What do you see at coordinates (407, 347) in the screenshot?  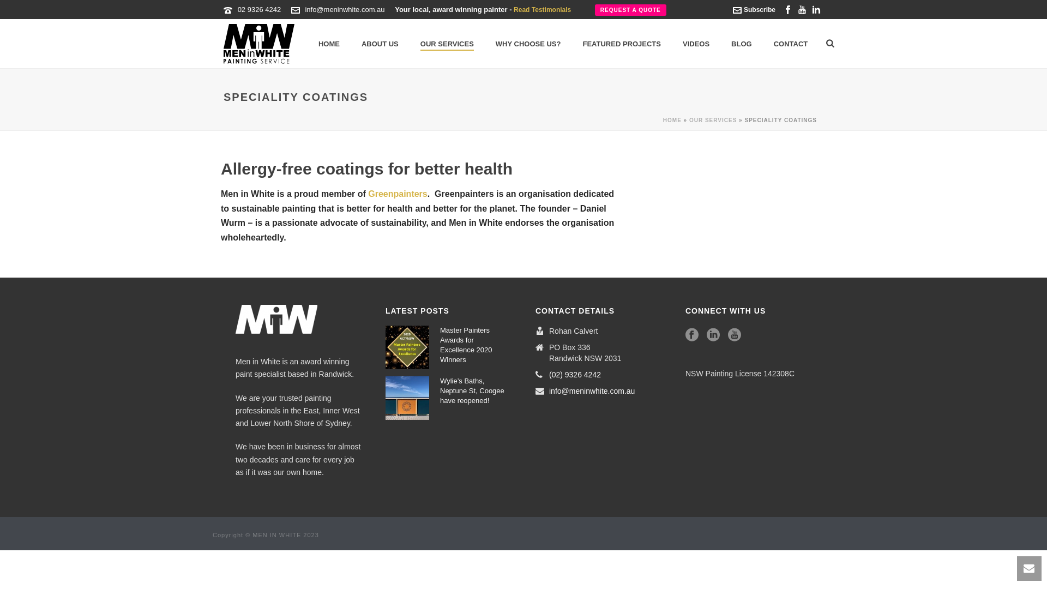 I see `'Master Painters Awards for Excellence 2020 Winners'` at bounding box center [407, 347].